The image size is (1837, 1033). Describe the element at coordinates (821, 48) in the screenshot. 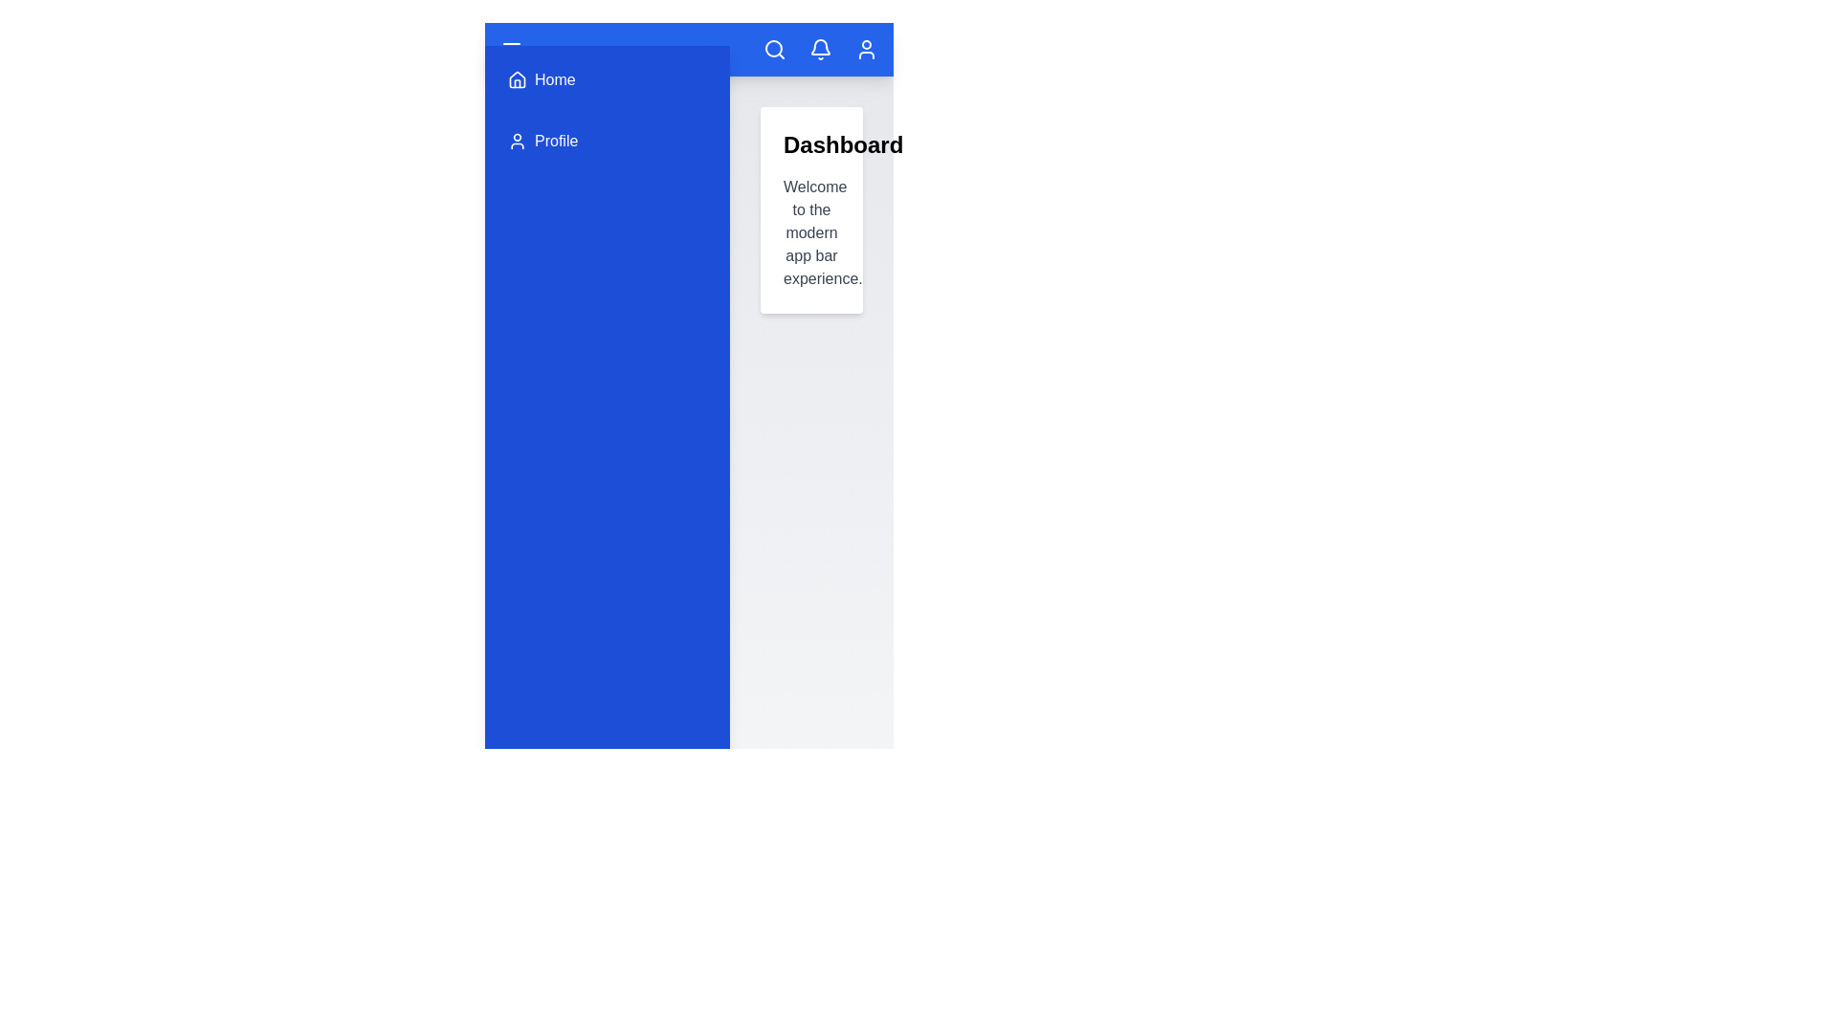

I see `the notifications icon` at that location.